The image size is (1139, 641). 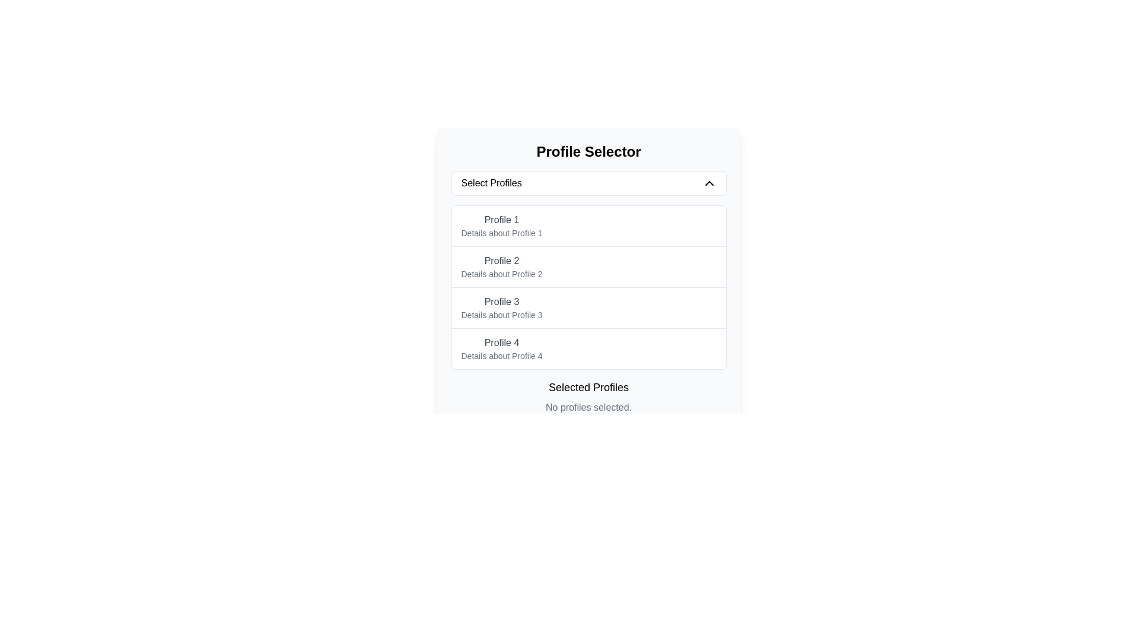 What do you see at coordinates (501, 302) in the screenshot?
I see `'Profile 3' text label, which is the third item in the 'Profile Selector' list` at bounding box center [501, 302].